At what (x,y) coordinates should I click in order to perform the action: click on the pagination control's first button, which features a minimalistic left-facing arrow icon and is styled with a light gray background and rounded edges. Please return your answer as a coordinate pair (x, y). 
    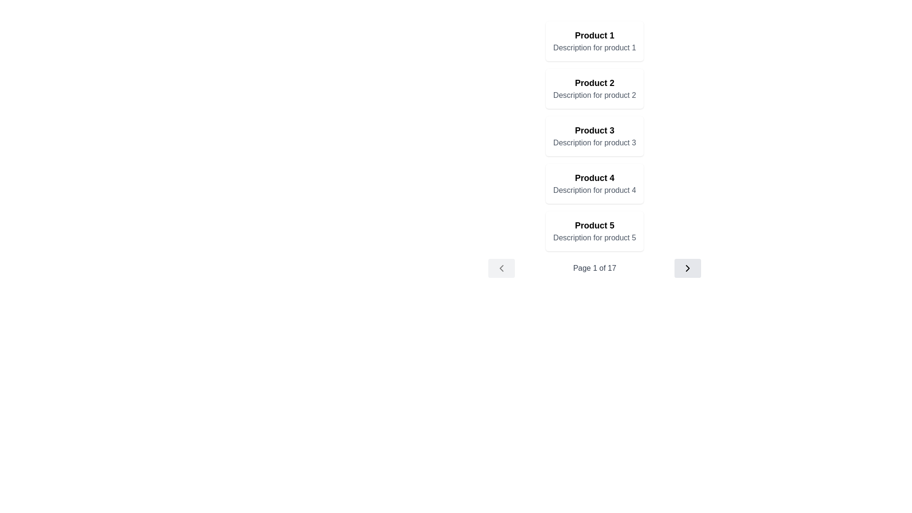
    Looking at the image, I should click on (501, 268).